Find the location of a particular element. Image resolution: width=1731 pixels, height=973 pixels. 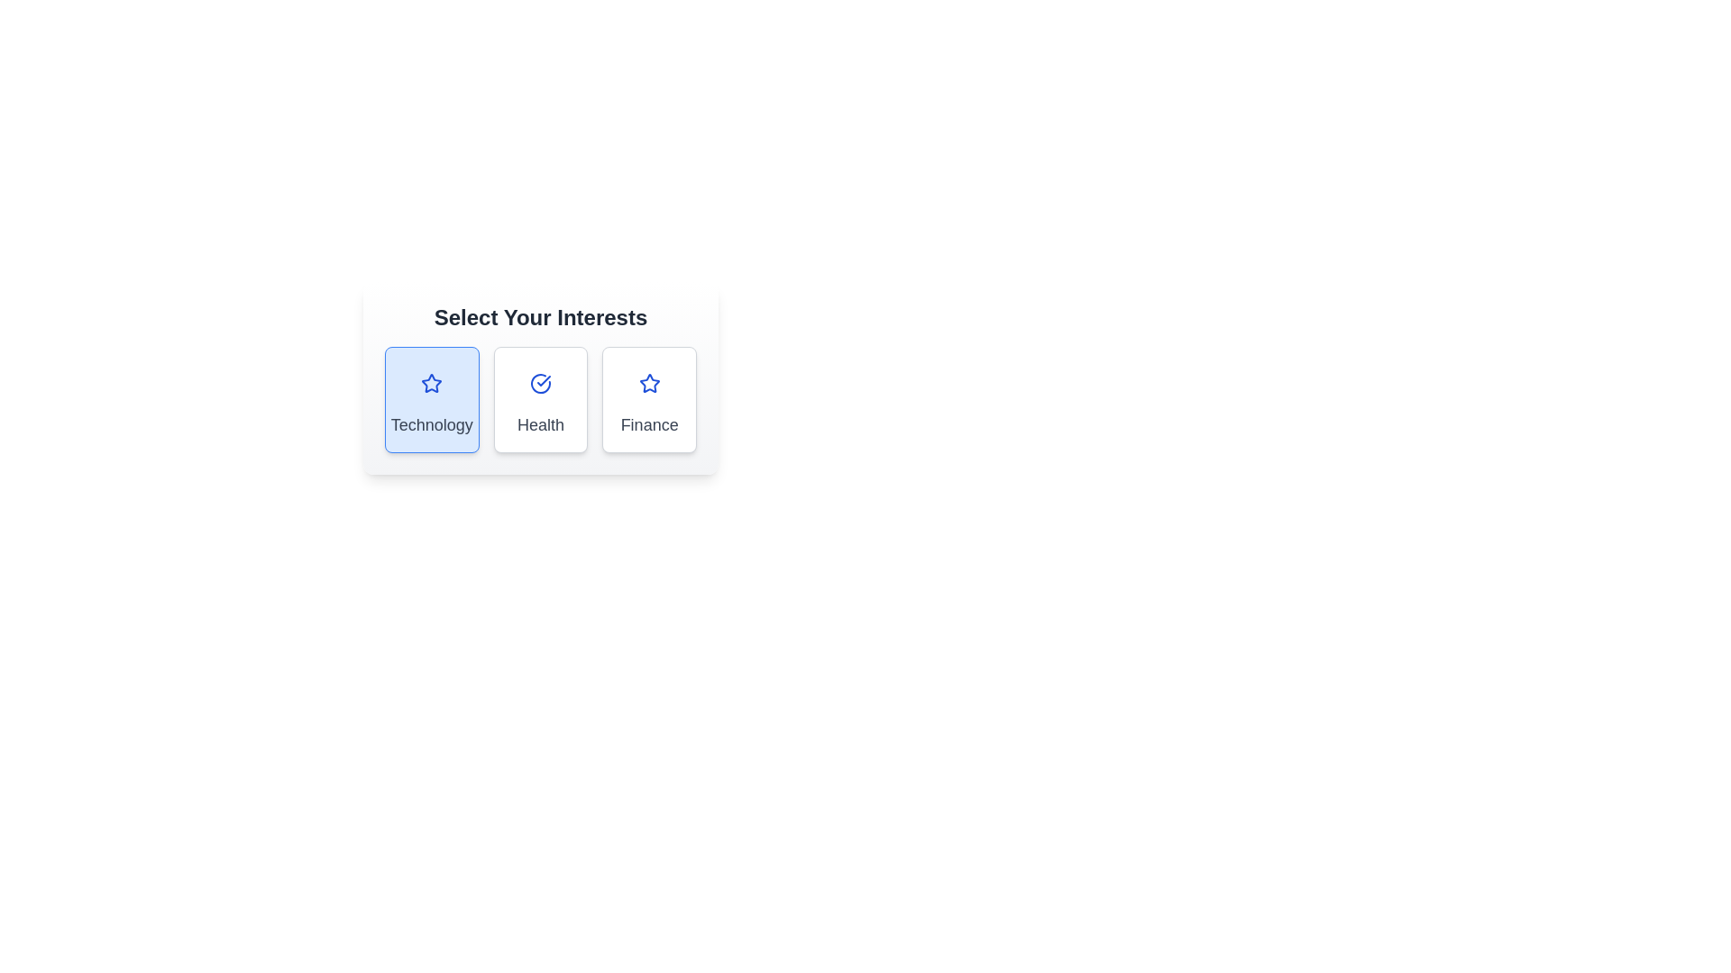

the 'Health' button is located at coordinates (540, 398).